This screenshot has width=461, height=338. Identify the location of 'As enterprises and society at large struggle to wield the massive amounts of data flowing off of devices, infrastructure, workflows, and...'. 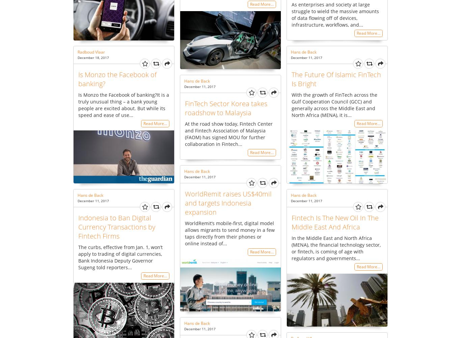
(291, 14).